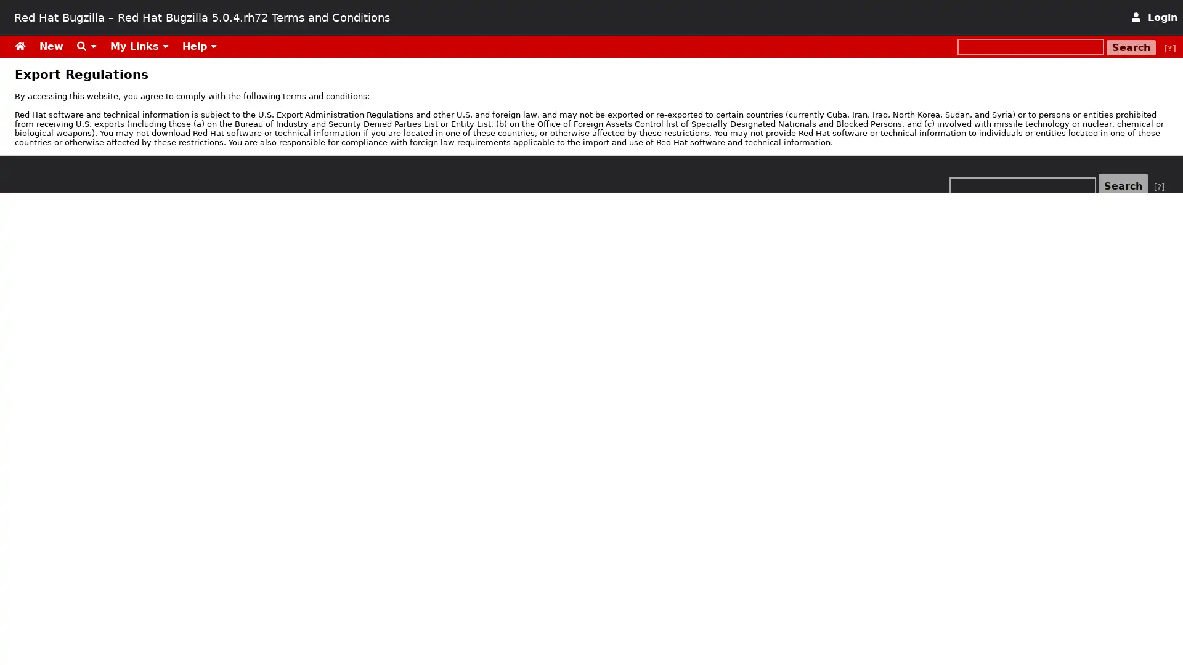 The height and width of the screenshot is (665, 1183). Describe the element at coordinates (1131, 47) in the screenshot. I see `Search` at that location.